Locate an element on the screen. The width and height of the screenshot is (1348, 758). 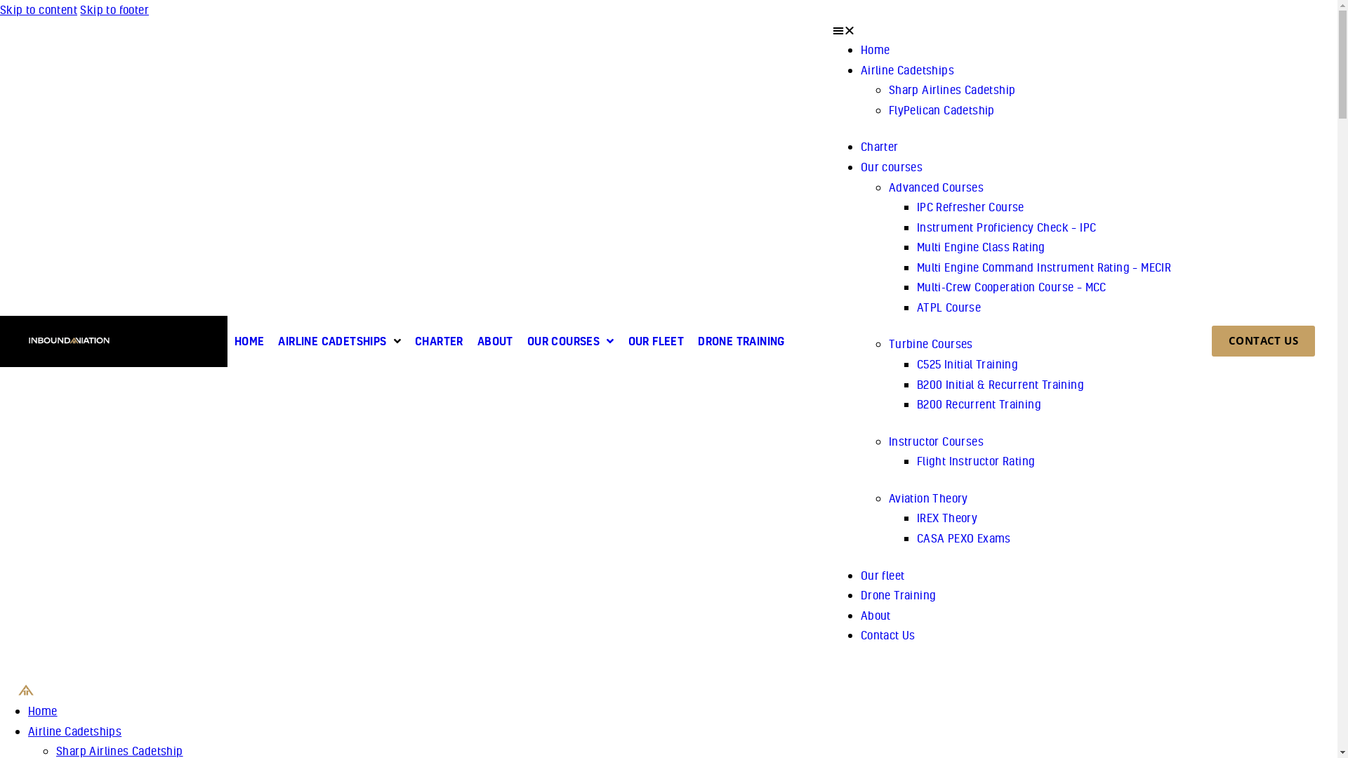
'ABOUT' is located at coordinates (495, 341).